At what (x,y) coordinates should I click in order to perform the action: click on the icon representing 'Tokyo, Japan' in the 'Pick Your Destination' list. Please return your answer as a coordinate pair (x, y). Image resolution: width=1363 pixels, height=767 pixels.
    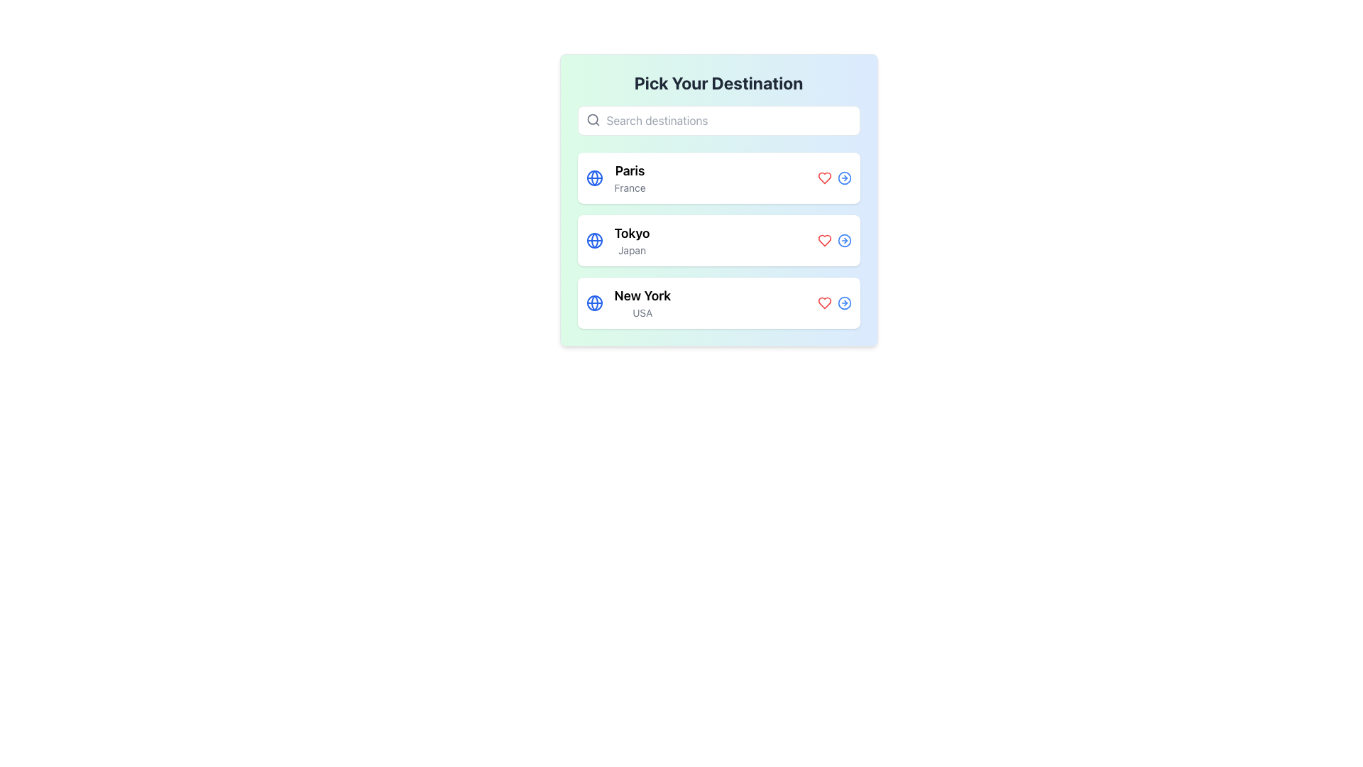
    Looking at the image, I should click on (594, 240).